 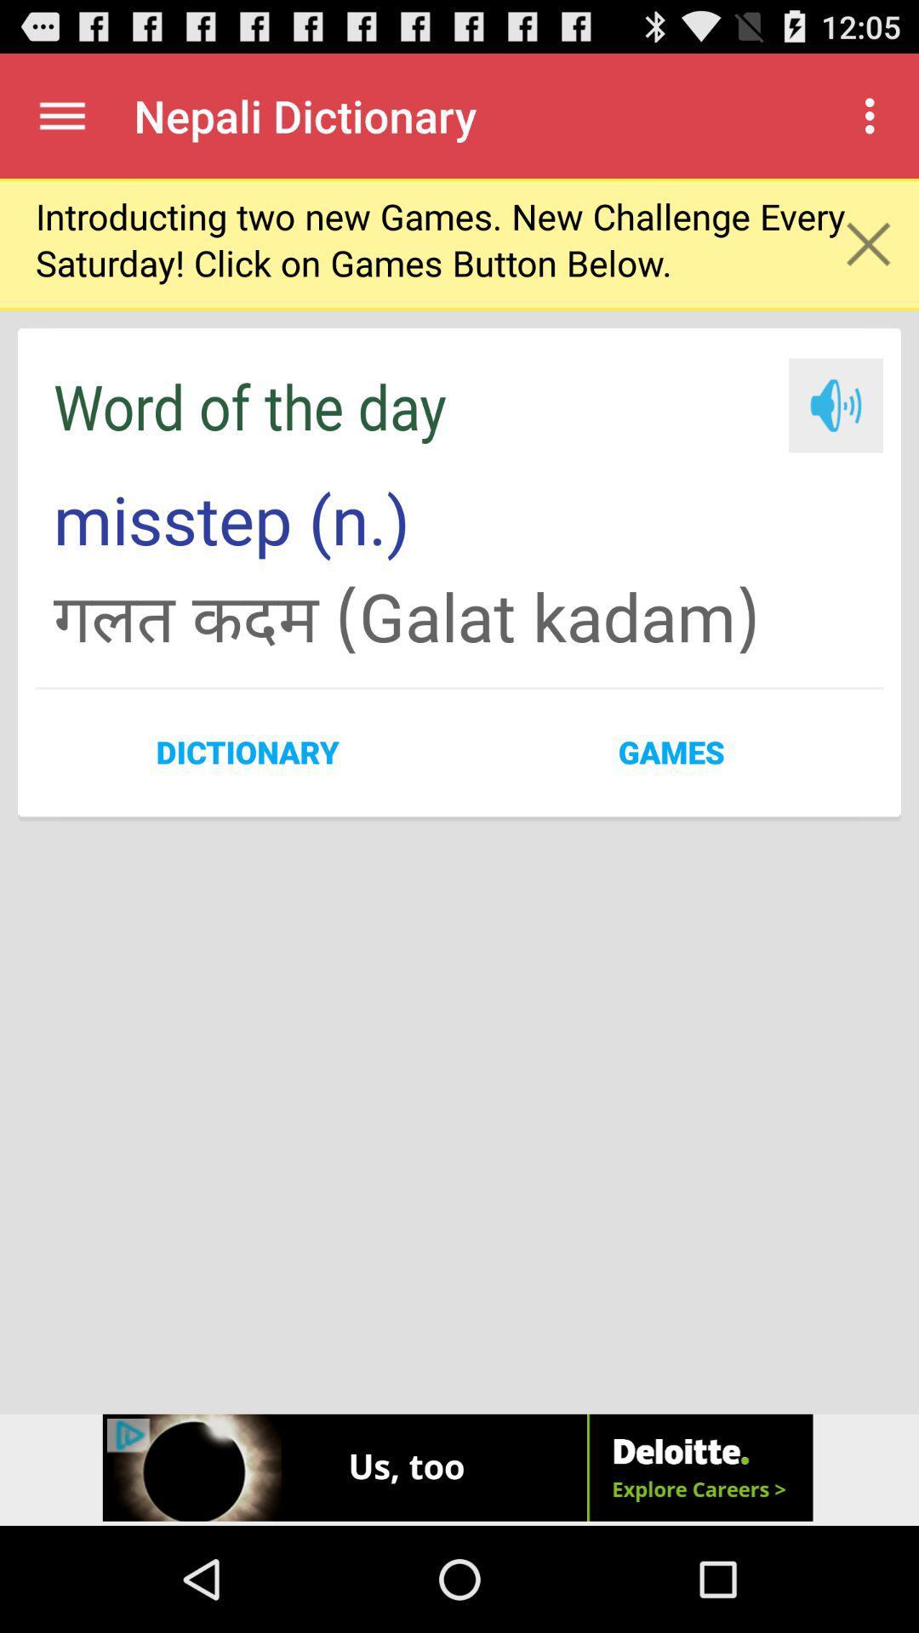 I want to click on app to the right of the nepali dictionary item, so click(x=874, y=115).